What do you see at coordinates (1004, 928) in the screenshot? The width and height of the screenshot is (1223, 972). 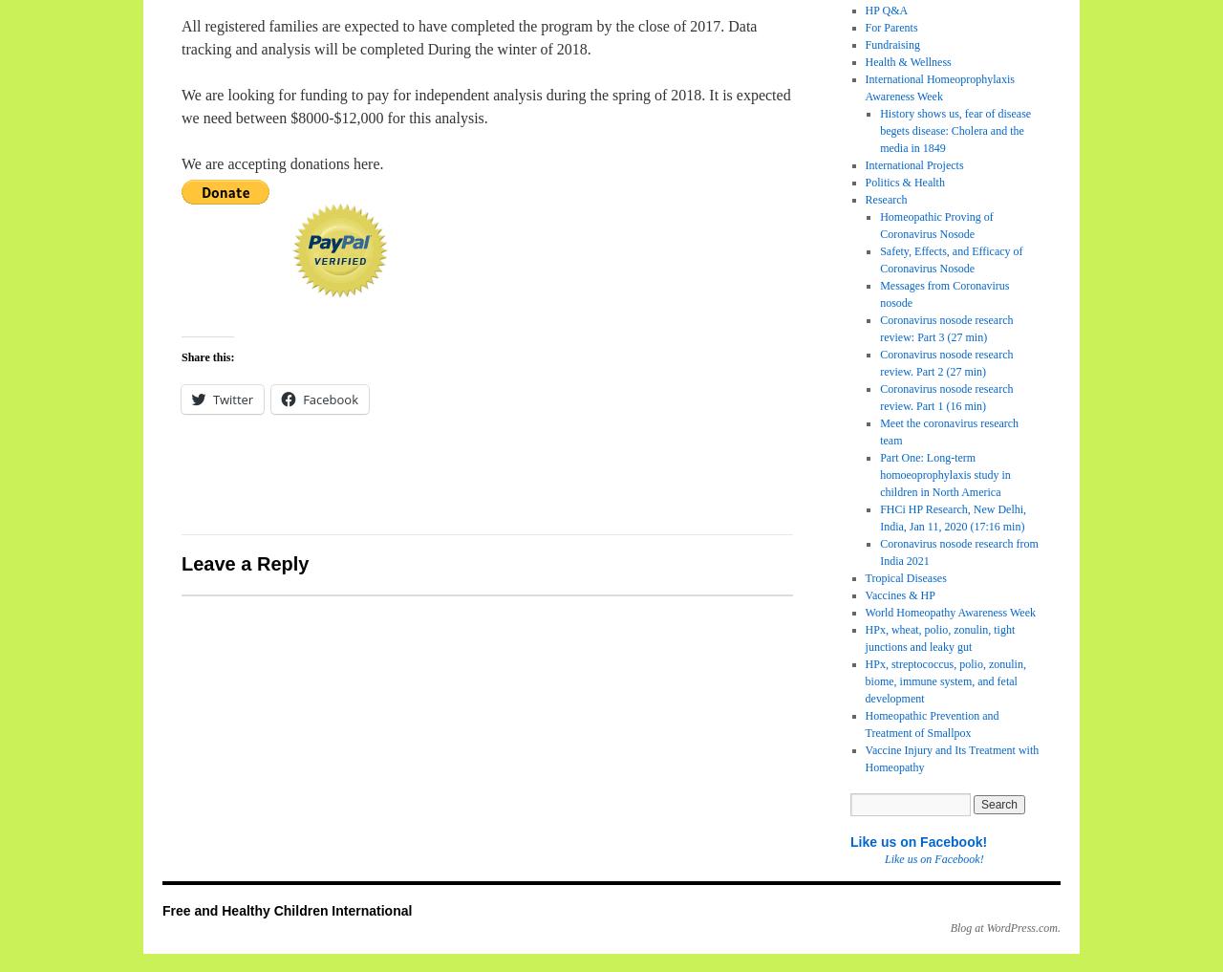 I see `'Blog at WordPress.com.'` at bounding box center [1004, 928].